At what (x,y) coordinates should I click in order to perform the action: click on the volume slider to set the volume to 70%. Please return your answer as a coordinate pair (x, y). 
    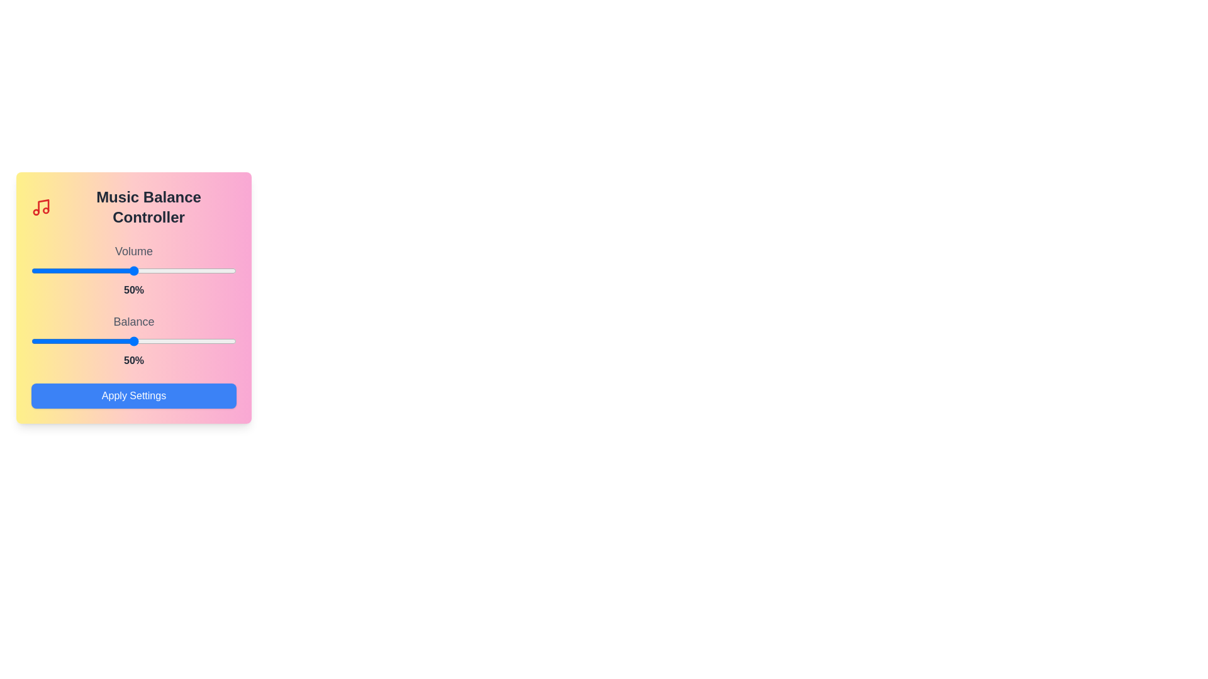
    Looking at the image, I should click on (174, 270).